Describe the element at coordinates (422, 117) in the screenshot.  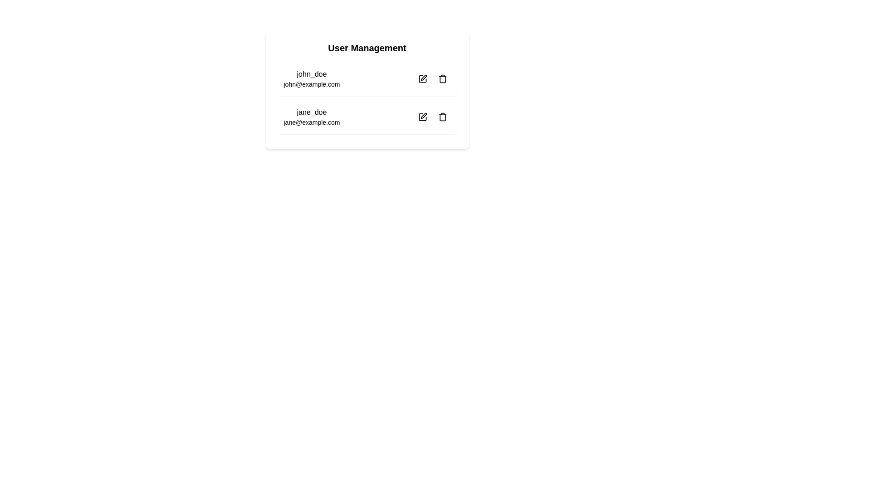
I see `the edit icon button next to 'jane_doe' in the user management panel` at that location.